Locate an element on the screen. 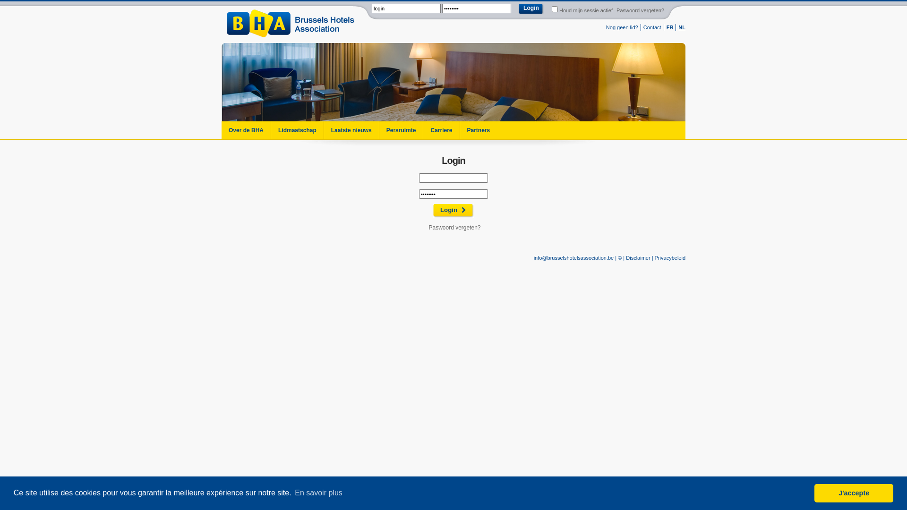 The image size is (907, 510). 'Privacybeleid' is located at coordinates (654, 258).